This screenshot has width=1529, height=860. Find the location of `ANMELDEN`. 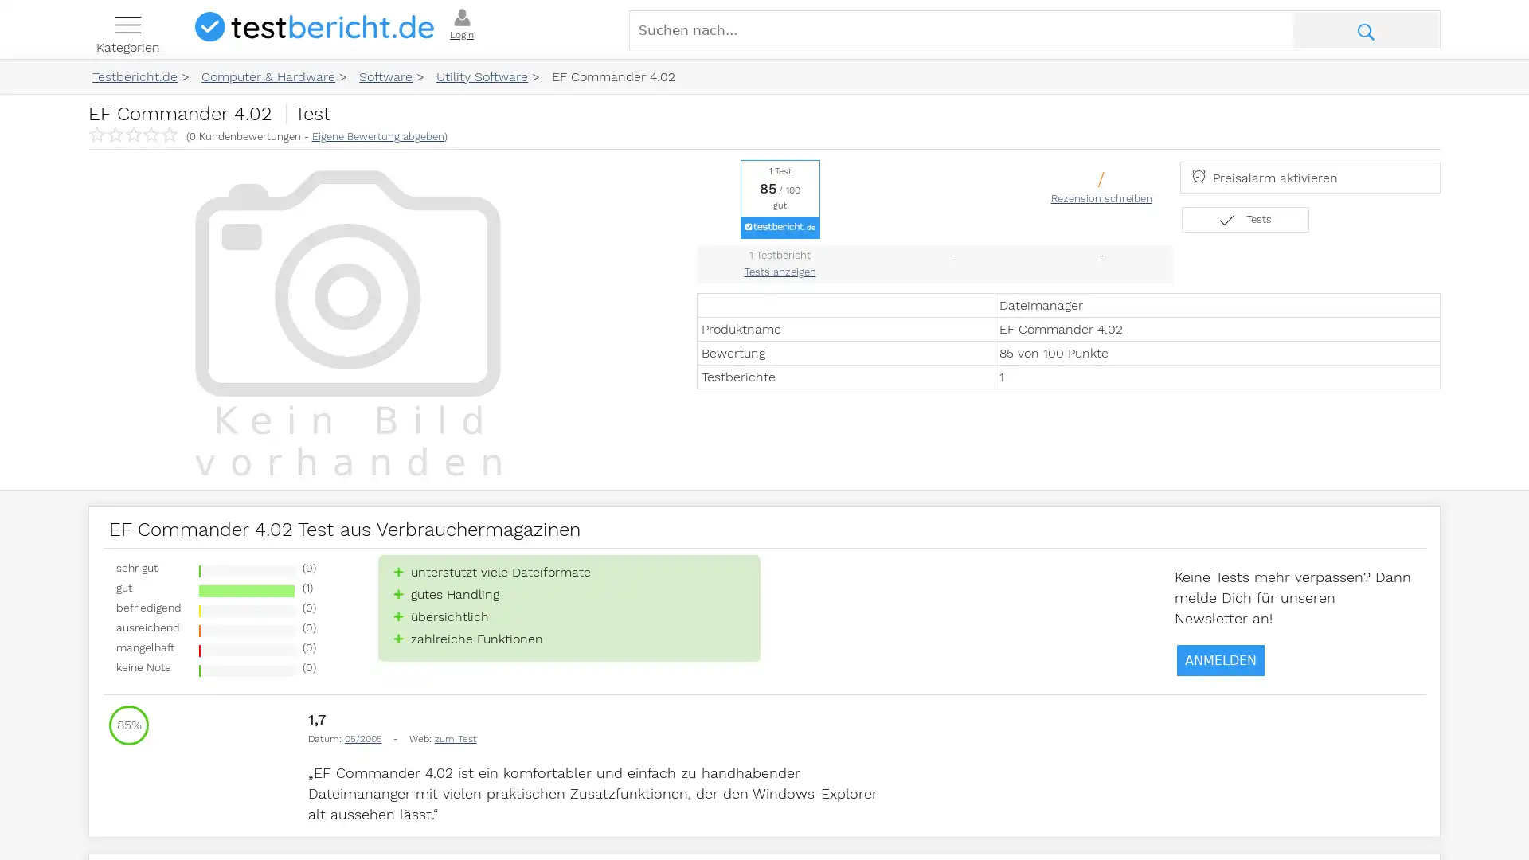

ANMELDEN is located at coordinates (1219, 660).